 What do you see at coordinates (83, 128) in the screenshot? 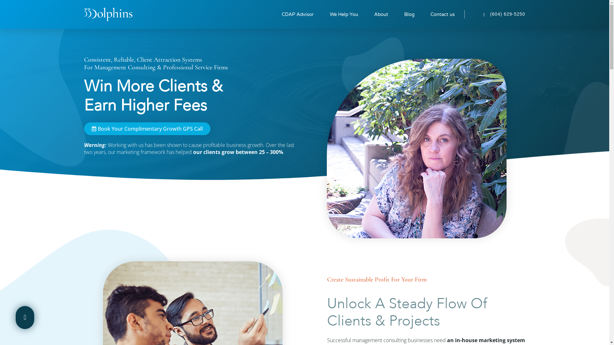
I see `'Book Your Complimentary Growth GPS Call'` at bounding box center [83, 128].